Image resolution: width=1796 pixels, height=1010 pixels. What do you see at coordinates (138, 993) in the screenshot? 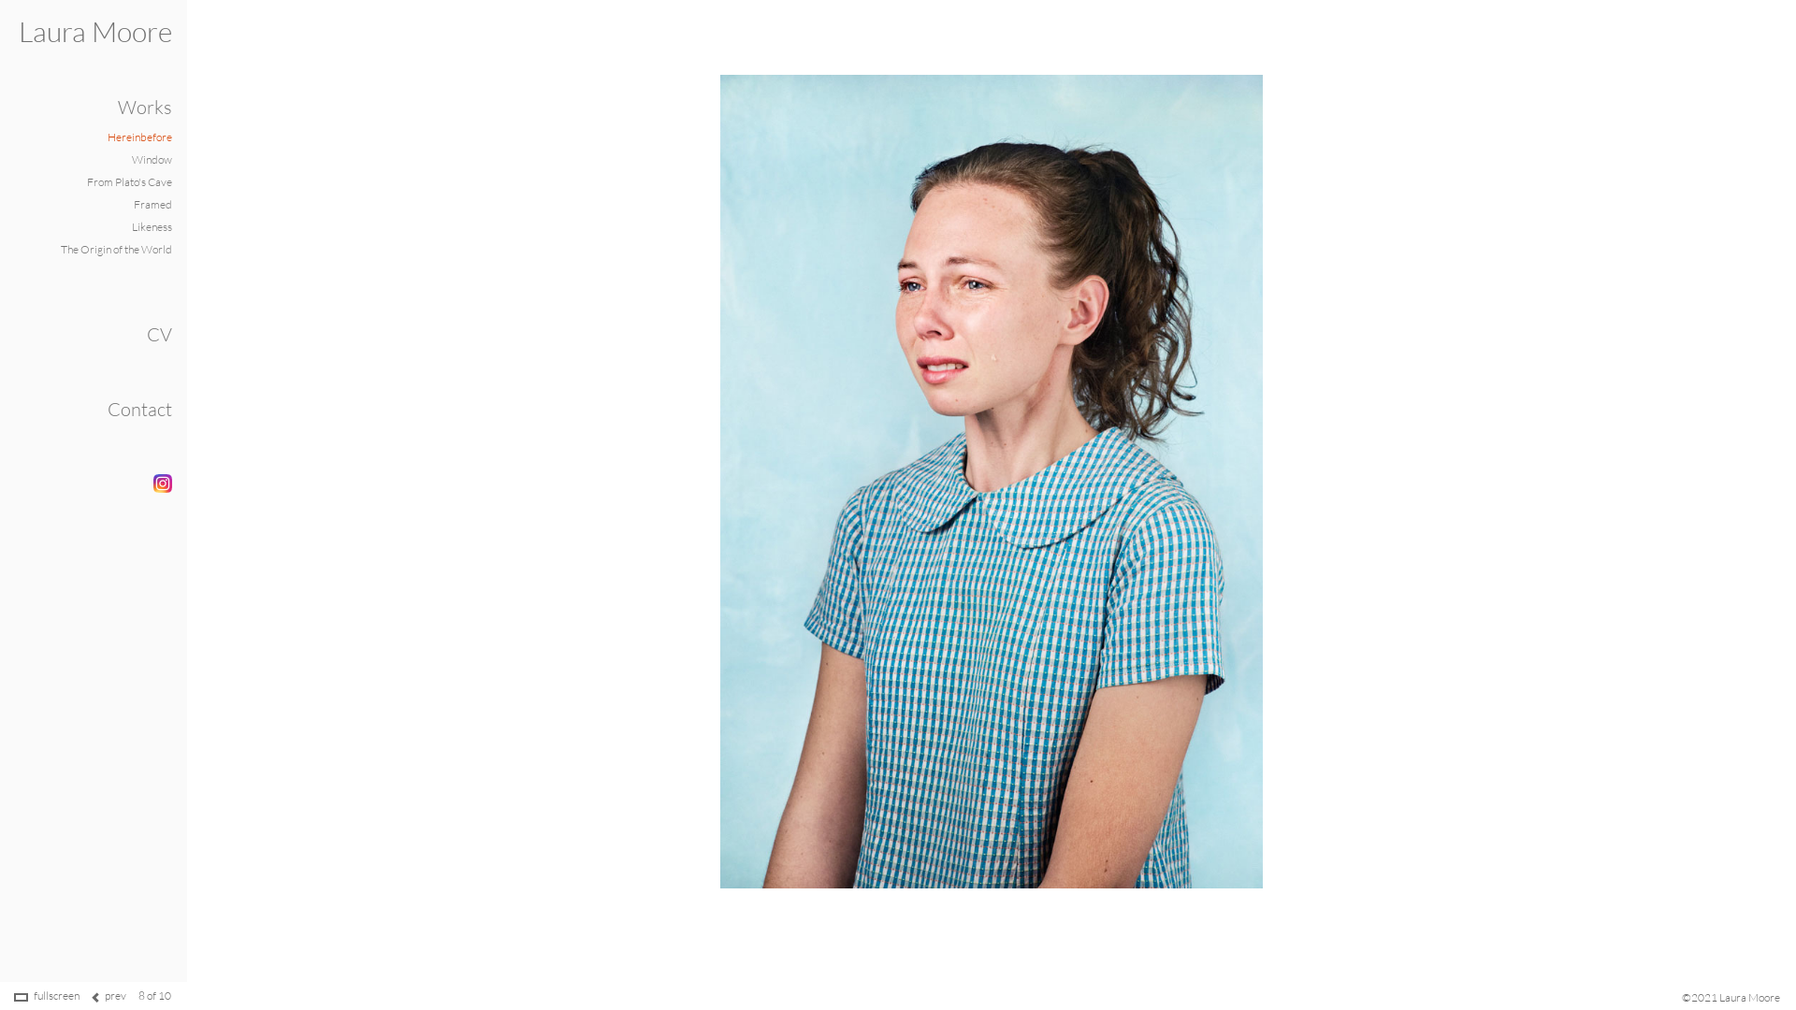
I see `'8 of 10'` at bounding box center [138, 993].